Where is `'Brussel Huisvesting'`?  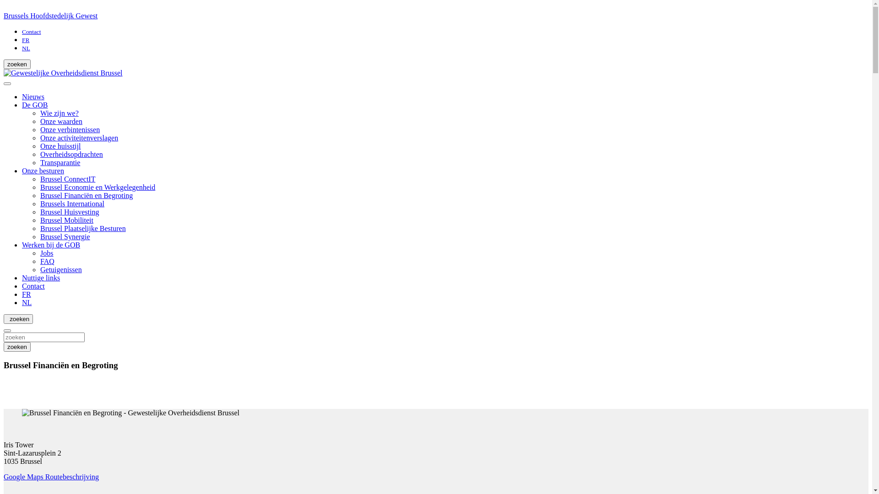
'Brussel Huisvesting' is located at coordinates (69, 212).